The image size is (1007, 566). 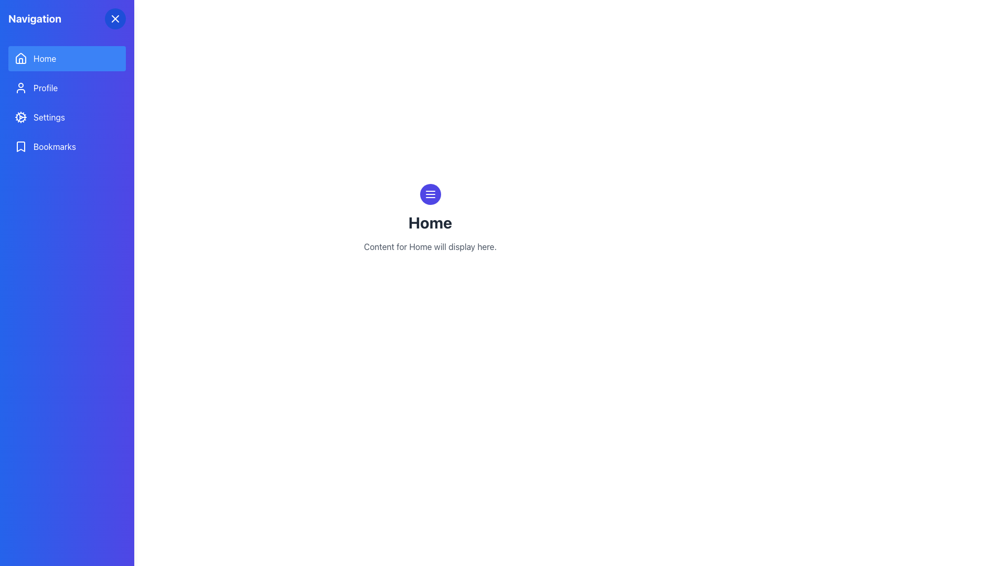 I want to click on the close button located in the top-right corner of the navigation bar, so click(x=115, y=18).